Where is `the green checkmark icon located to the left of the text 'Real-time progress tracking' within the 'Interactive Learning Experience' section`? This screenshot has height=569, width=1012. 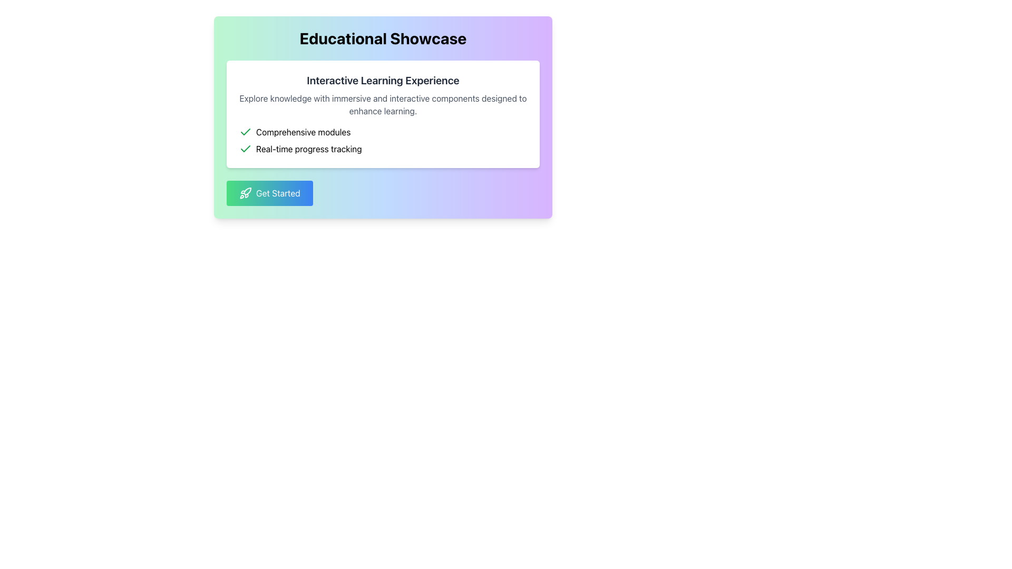 the green checkmark icon located to the left of the text 'Real-time progress tracking' within the 'Interactive Learning Experience' section is located at coordinates (245, 149).